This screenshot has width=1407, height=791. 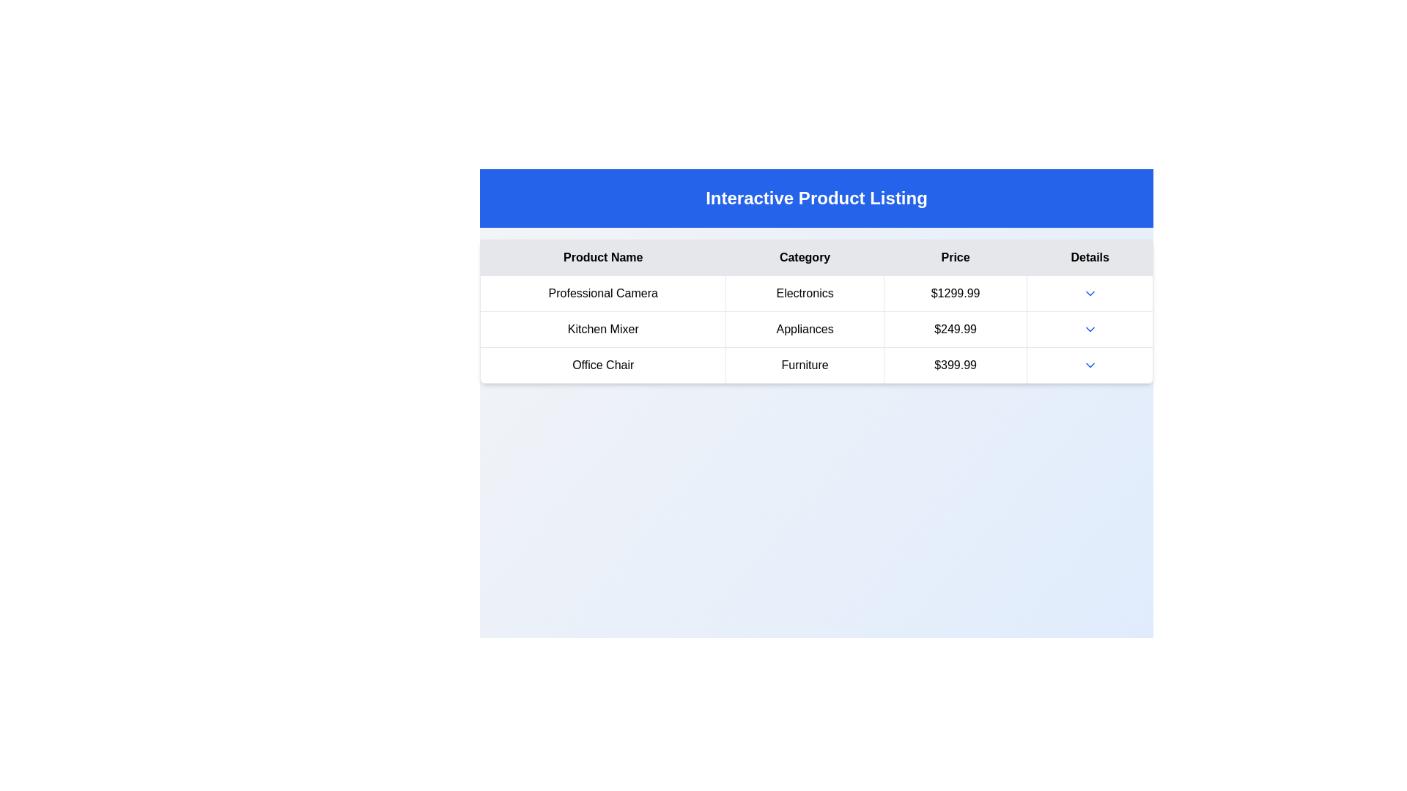 What do you see at coordinates (956, 330) in the screenshot?
I see `the price label displaying '$249.99' in the second row of the product listing table, which is the third cell in that row` at bounding box center [956, 330].